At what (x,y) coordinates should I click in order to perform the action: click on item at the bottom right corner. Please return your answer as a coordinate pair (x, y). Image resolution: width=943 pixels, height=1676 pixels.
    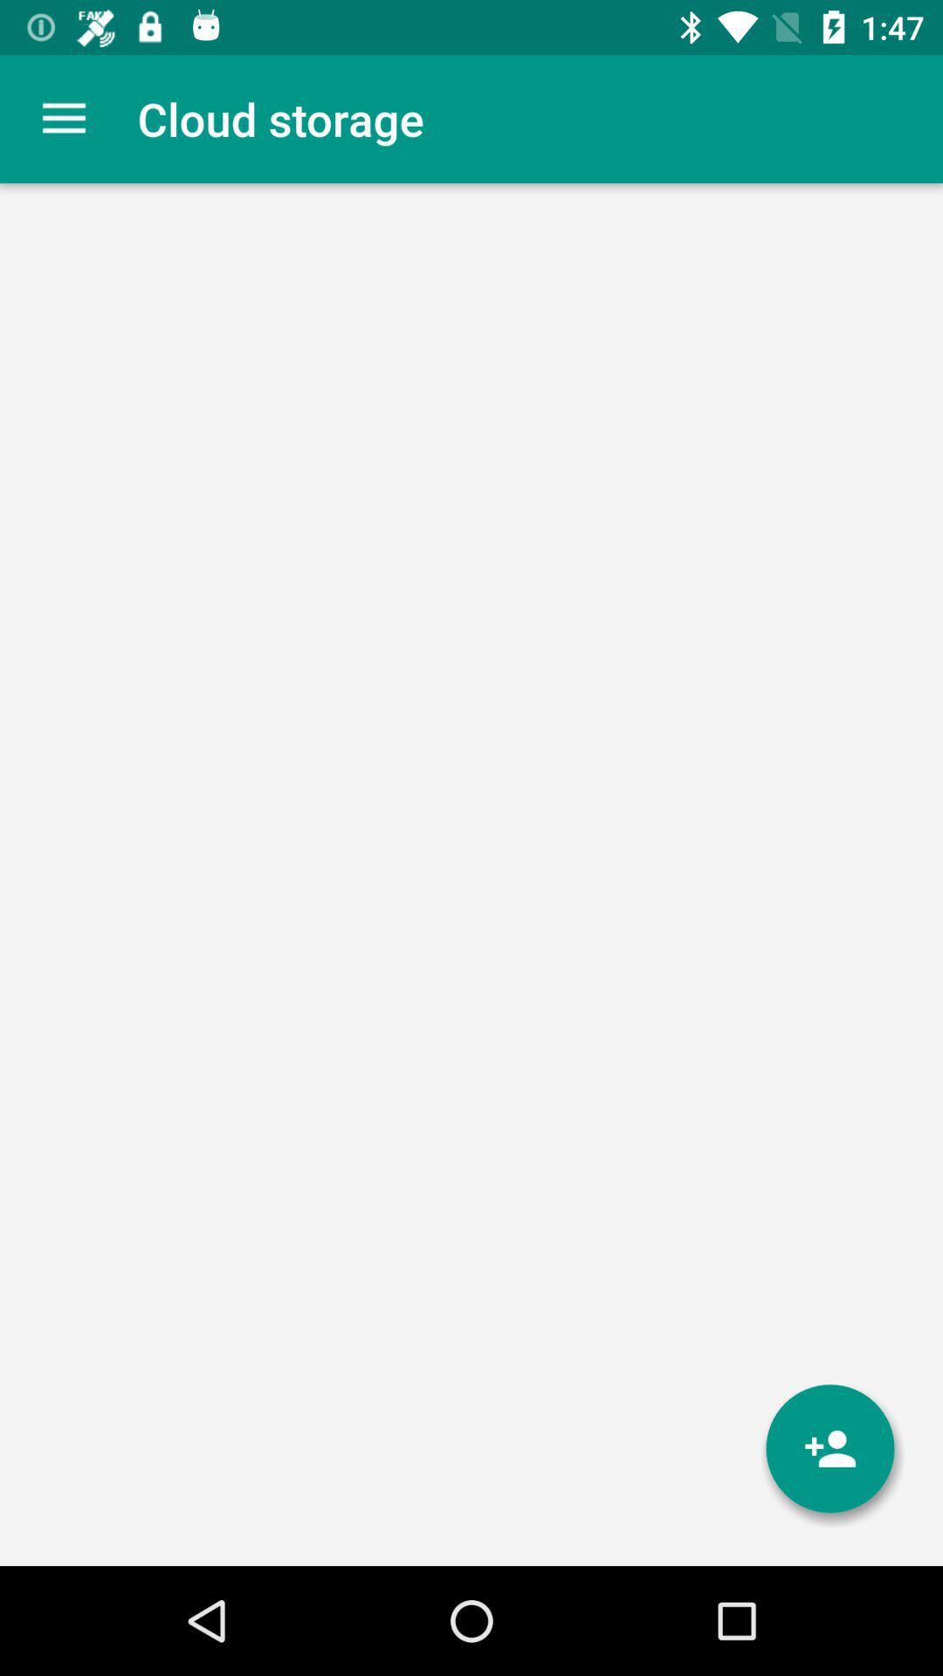
    Looking at the image, I should click on (829, 1448).